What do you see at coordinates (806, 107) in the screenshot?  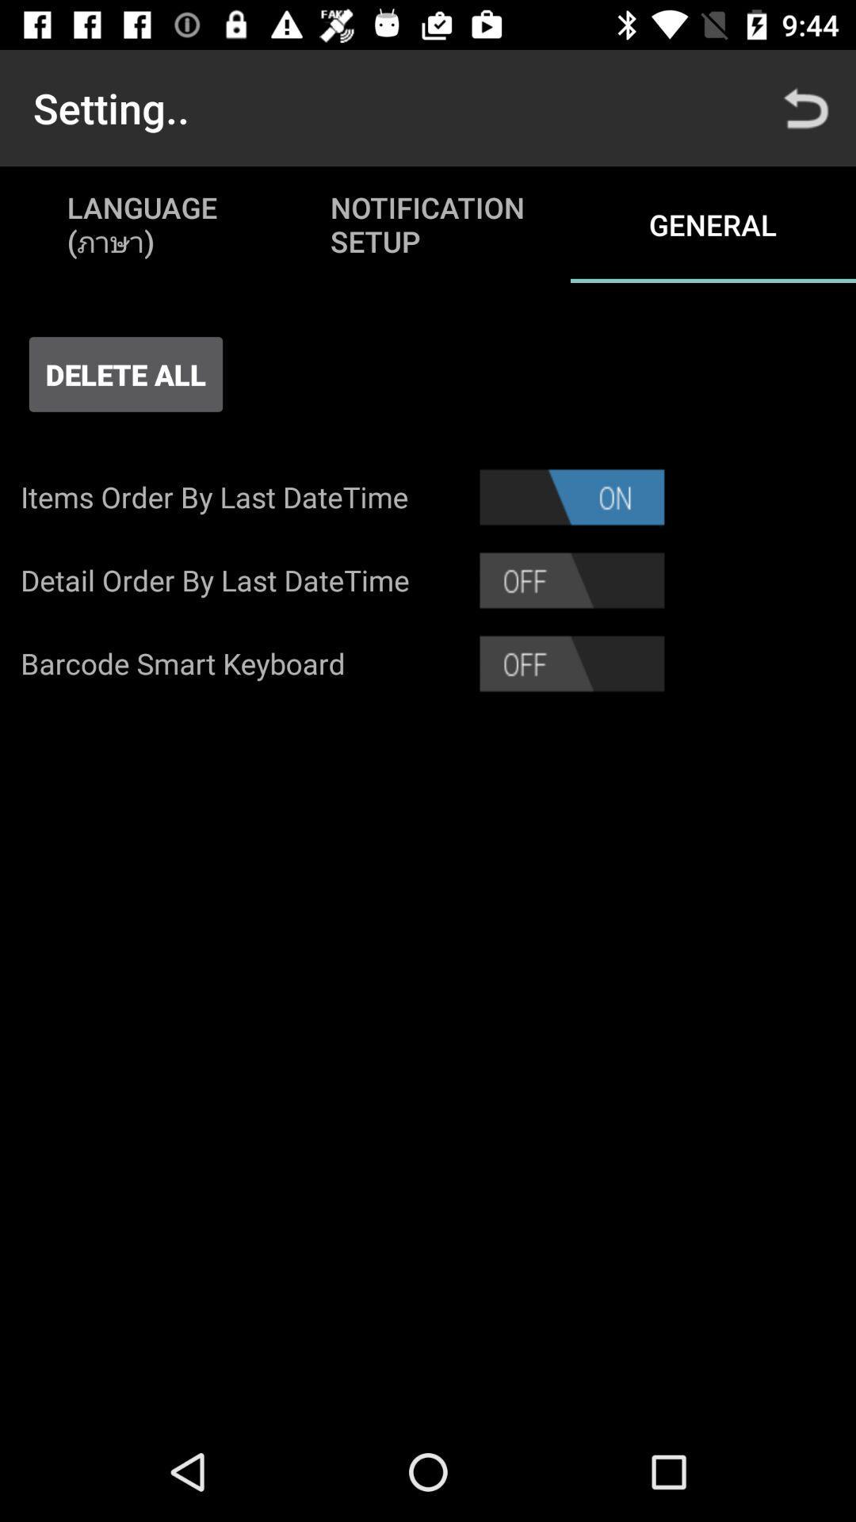 I see `the app to the right of the notification` at bounding box center [806, 107].